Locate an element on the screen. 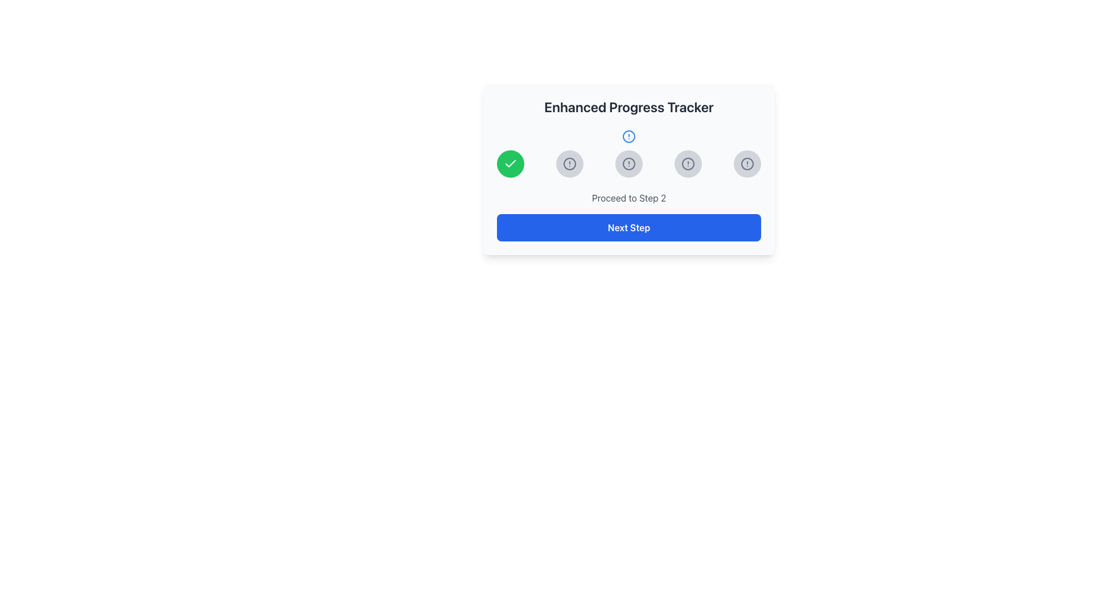  the SVG circle component located in the second icon of the progress tracker, which has a gray outline and indicates different statuses or steps is located at coordinates (628, 164).